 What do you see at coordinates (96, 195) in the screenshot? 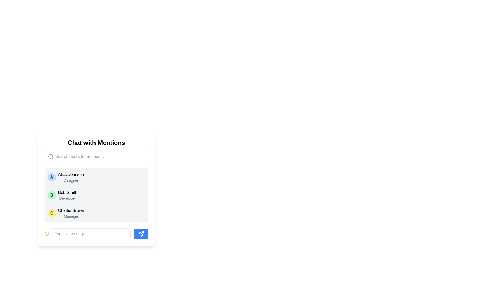
I see `the user profile list item representing the second user profile in the list, which is located below 'Alice Johnson - Designer' and above 'Charlie Brown - Manager'` at bounding box center [96, 195].